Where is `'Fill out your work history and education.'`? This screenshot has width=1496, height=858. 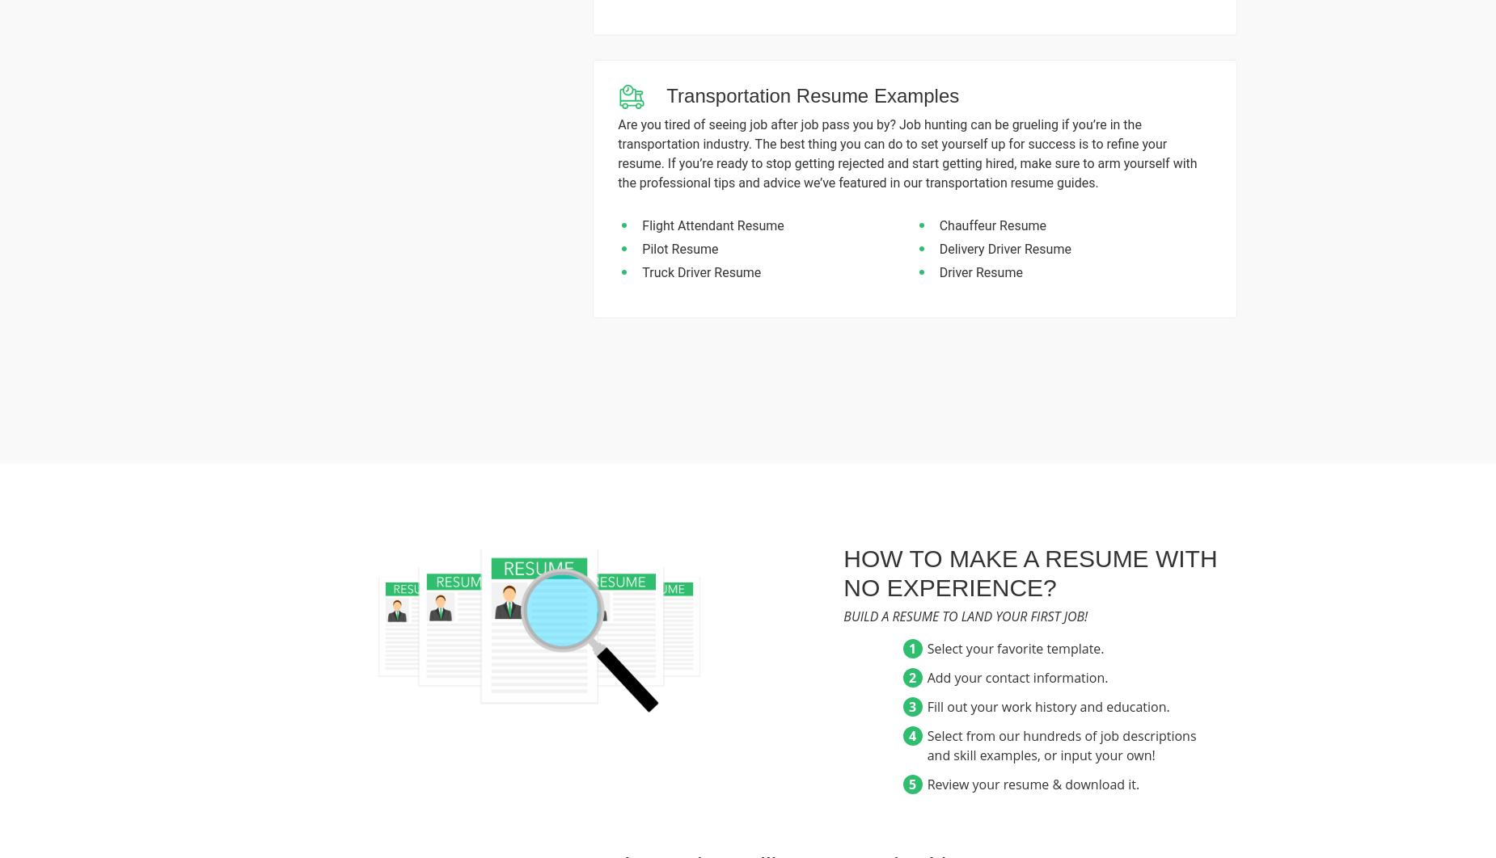
'Fill out your work history and education.' is located at coordinates (1046, 705).